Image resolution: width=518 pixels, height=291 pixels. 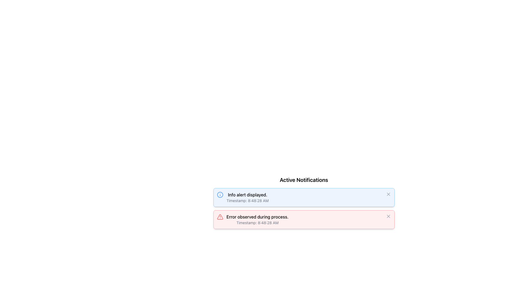 I want to click on the error message text label located within the red notification card, positioned above the timestamp and below the blue notification, so click(x=257, y=217).